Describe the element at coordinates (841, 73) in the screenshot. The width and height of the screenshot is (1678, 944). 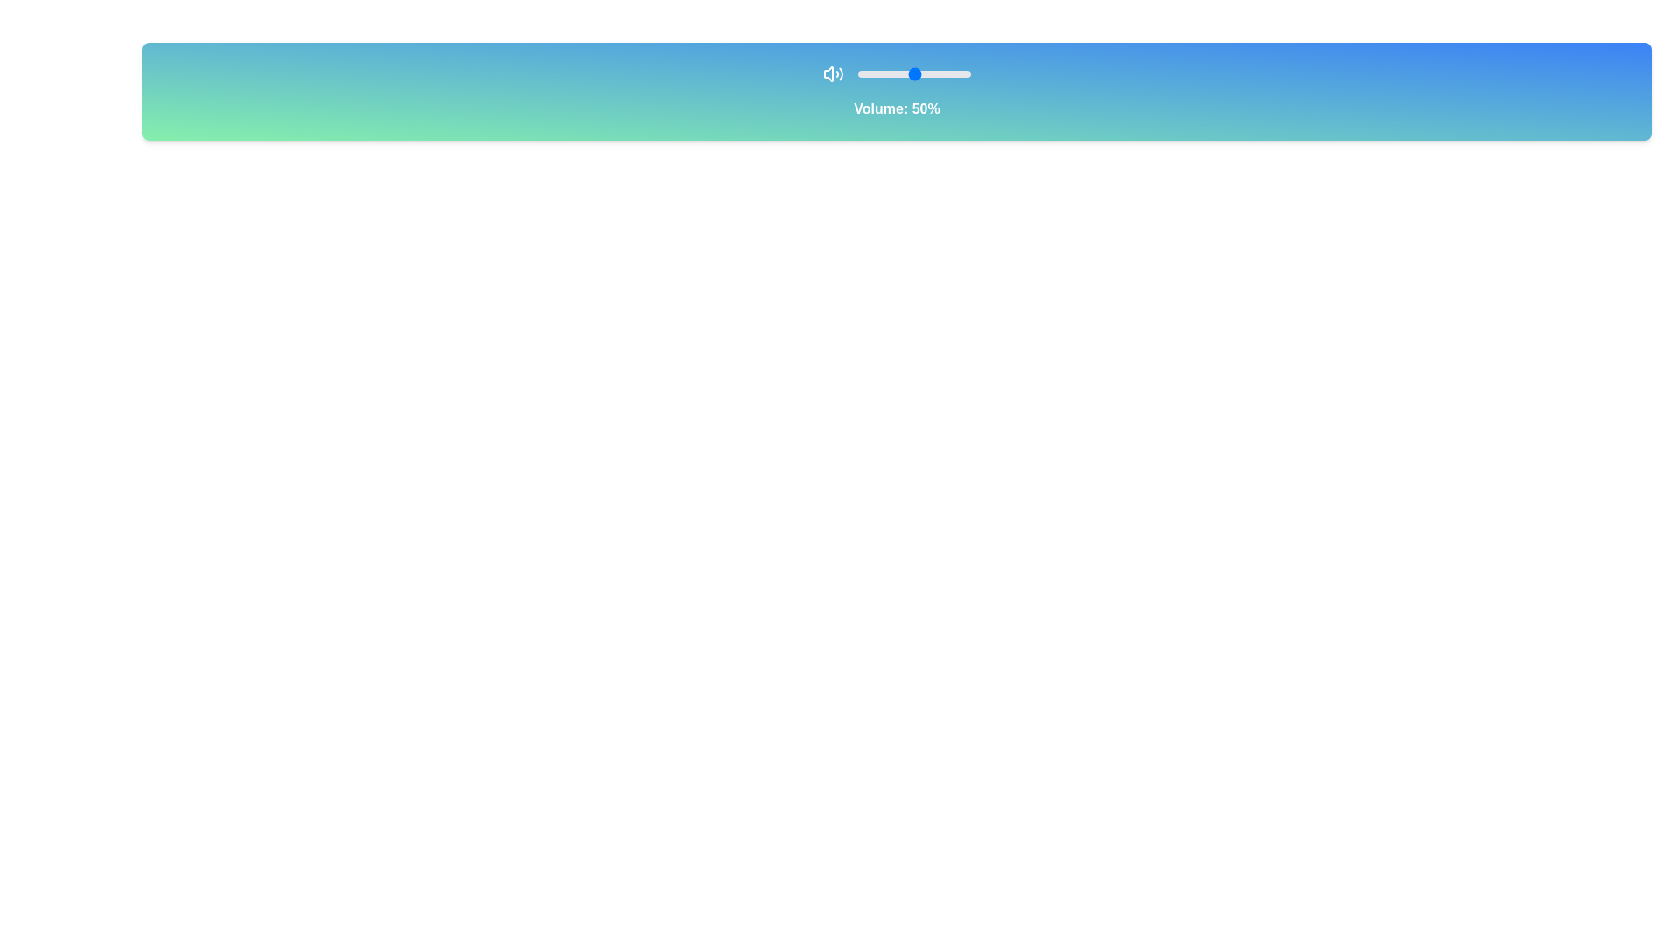
I see `the third curve of the sound wave icon, which is part of the sound icon on the left side of the top blue-green gradient bar` at that location.